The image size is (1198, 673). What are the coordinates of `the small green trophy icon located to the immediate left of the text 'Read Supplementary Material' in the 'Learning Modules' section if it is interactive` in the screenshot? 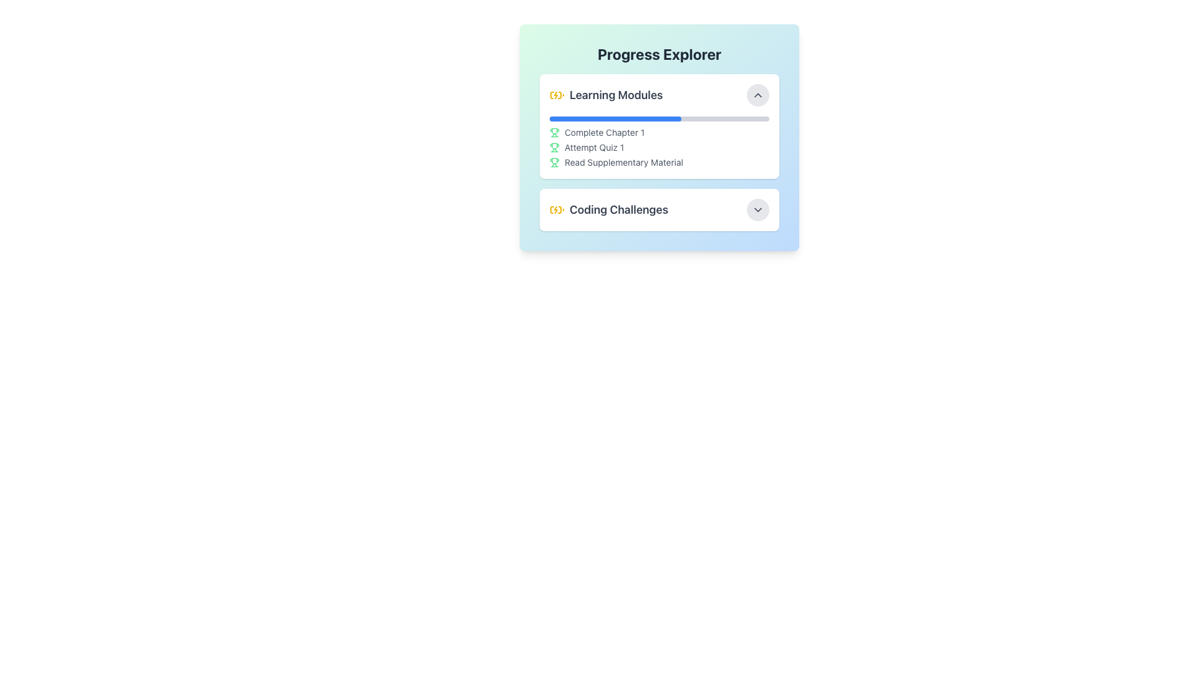 It's located at (553, 162).